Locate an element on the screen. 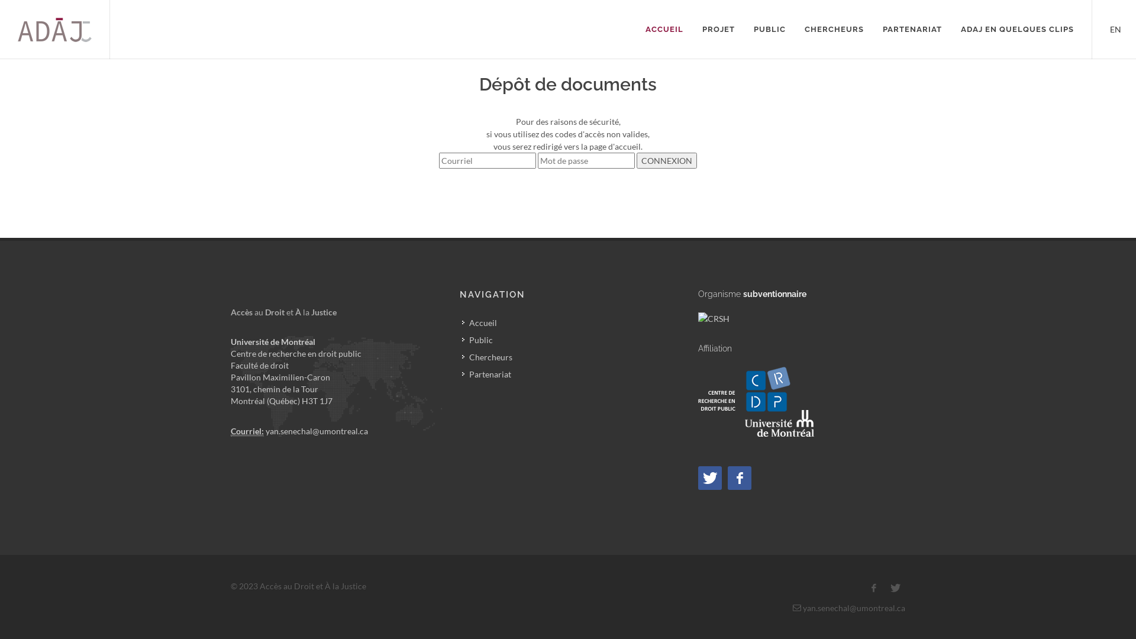  'Chercheurs' is located at coordinates (488, 356).